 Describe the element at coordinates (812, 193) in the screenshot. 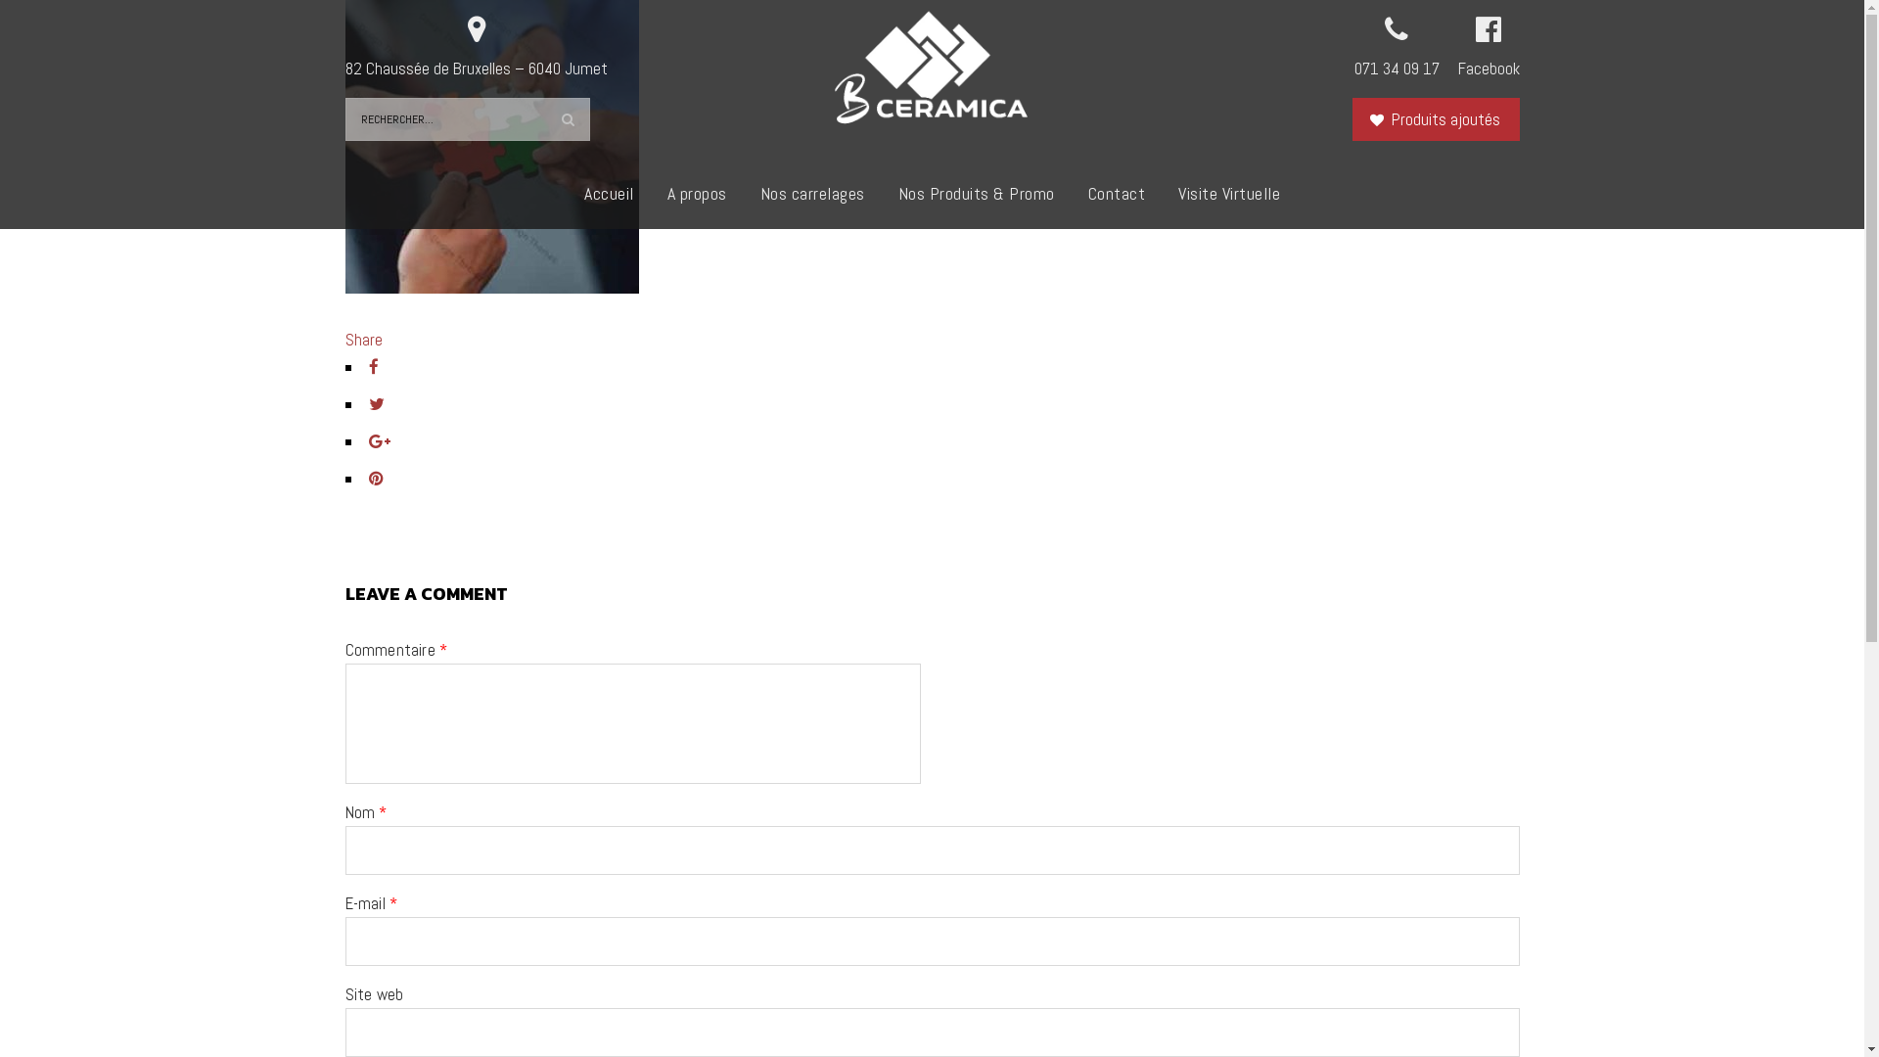

I see `'Nos carrelages'` at that location.